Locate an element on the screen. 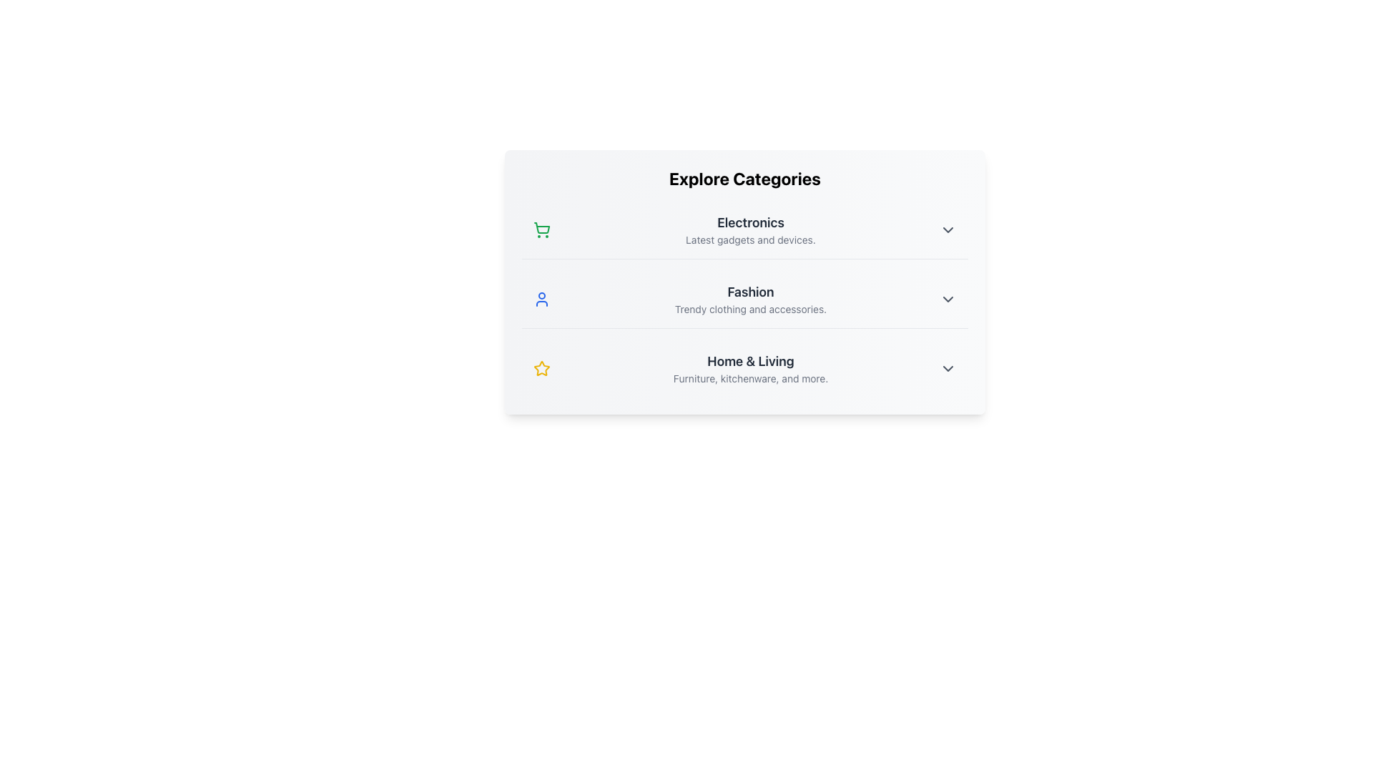 The width and height of the screenshot is (1373, 772). the text block displaying 'Trendy clothing and accessories.' which is located beneath the 'Fashion' text and part of the 'Explore Categories' section is located at coordinates (750, 308).